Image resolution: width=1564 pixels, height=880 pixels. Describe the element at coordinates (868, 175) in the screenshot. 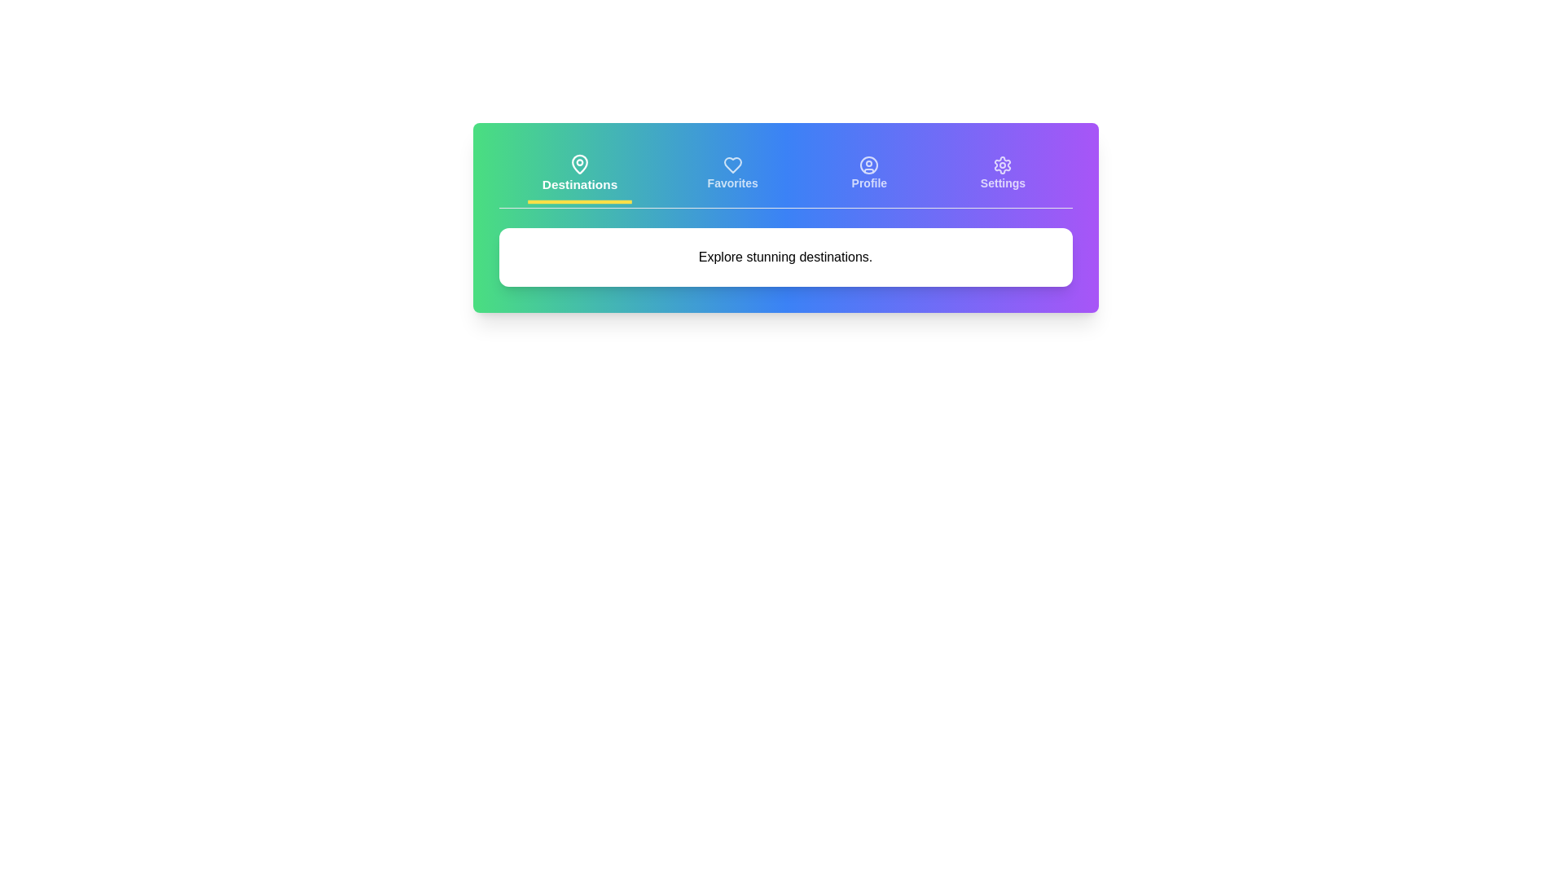

I see `the tab labeled Profile to navigate to its content` at that location.